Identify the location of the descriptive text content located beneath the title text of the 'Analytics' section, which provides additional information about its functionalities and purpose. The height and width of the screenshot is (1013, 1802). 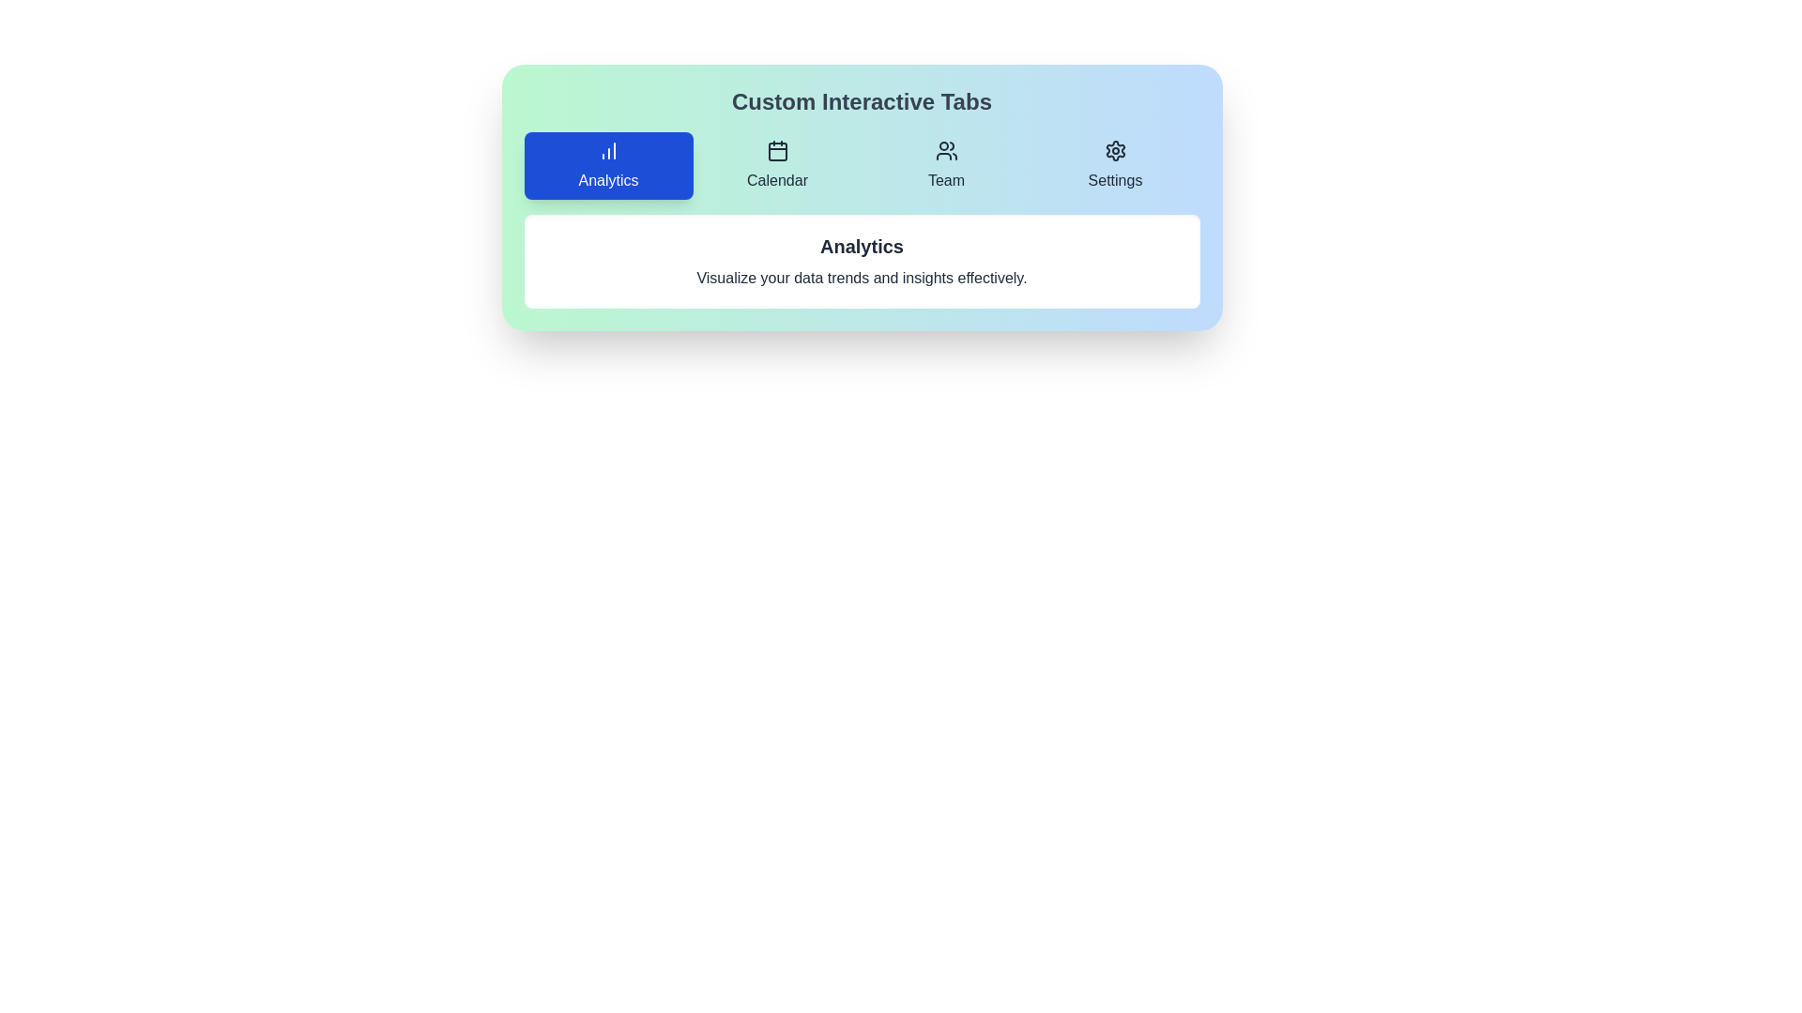
(861, 279).